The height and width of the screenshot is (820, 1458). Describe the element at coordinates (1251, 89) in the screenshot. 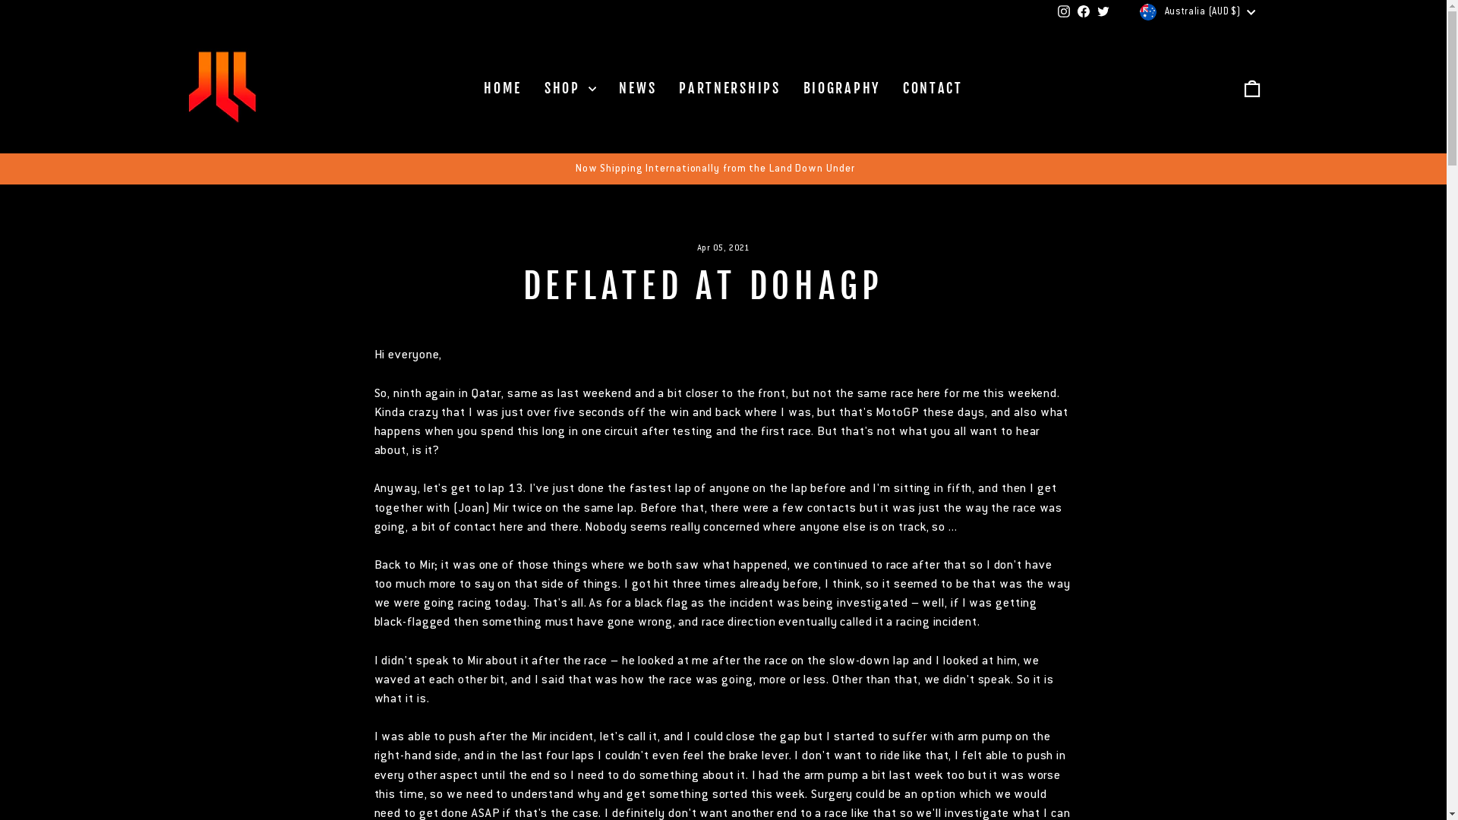

I see `'ICON-BAG-MINIMAL` at that location.